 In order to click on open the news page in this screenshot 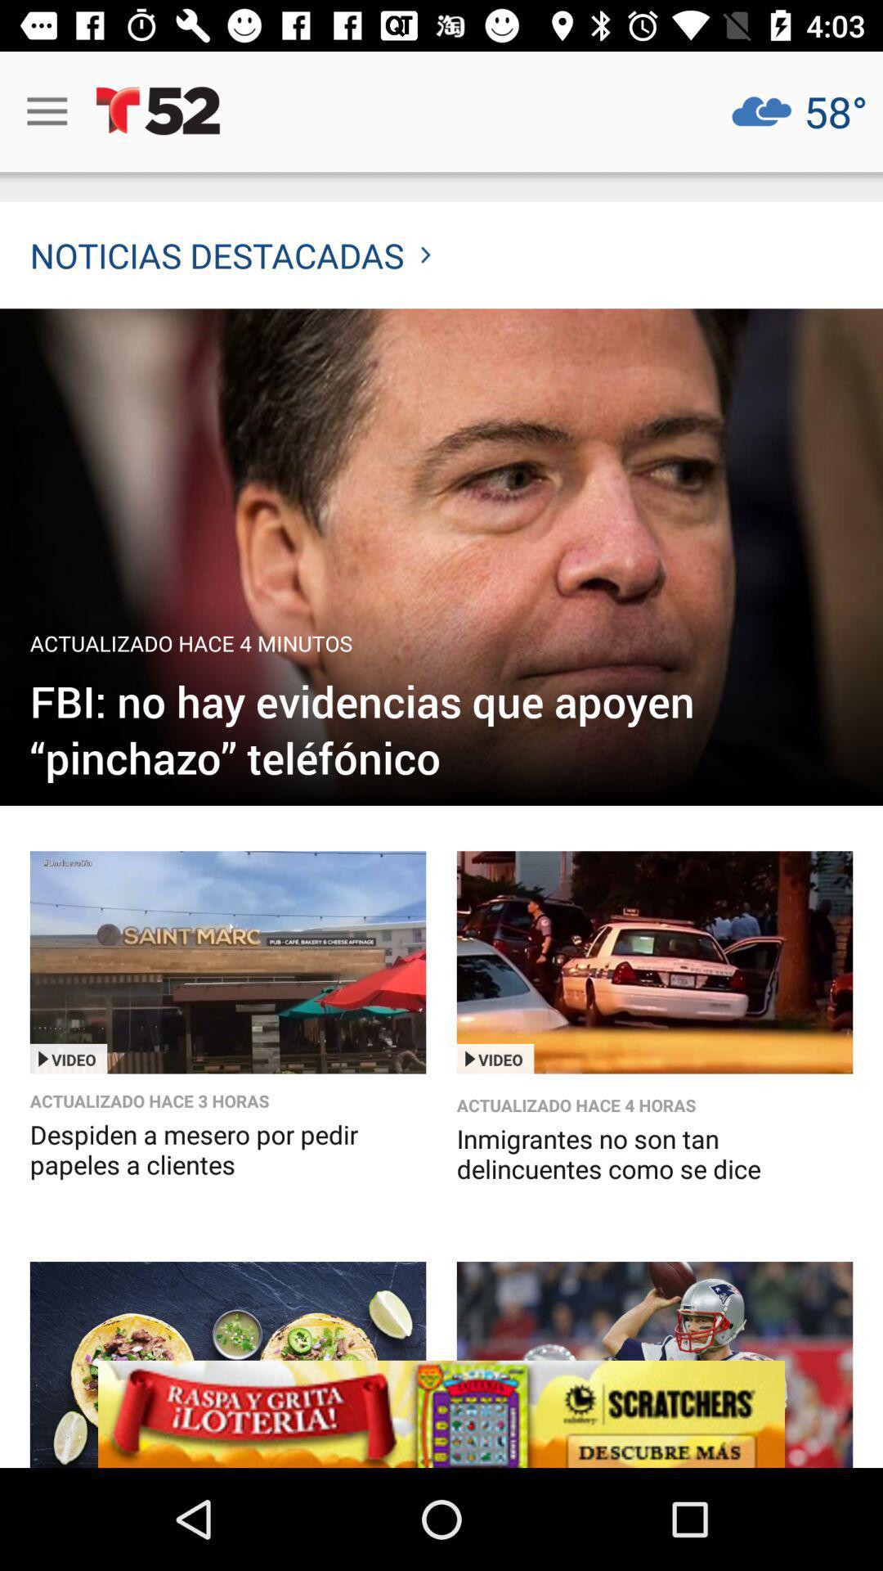, I will do `click(441, 557)`.